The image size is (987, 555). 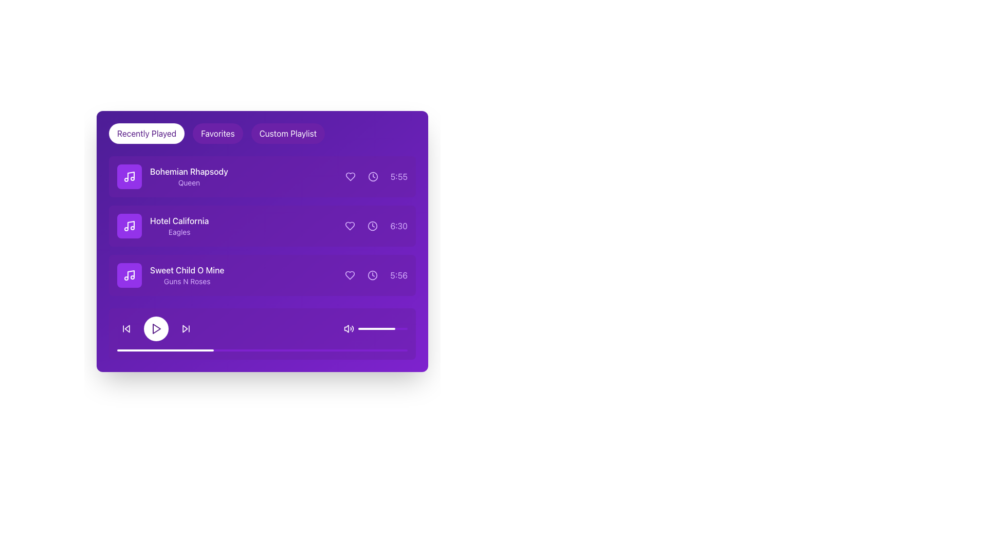 I want to click on the music-themed icon representing the song 'Hotel California' by 'Eagles' in the list of songs, so click(x=129, y=225).